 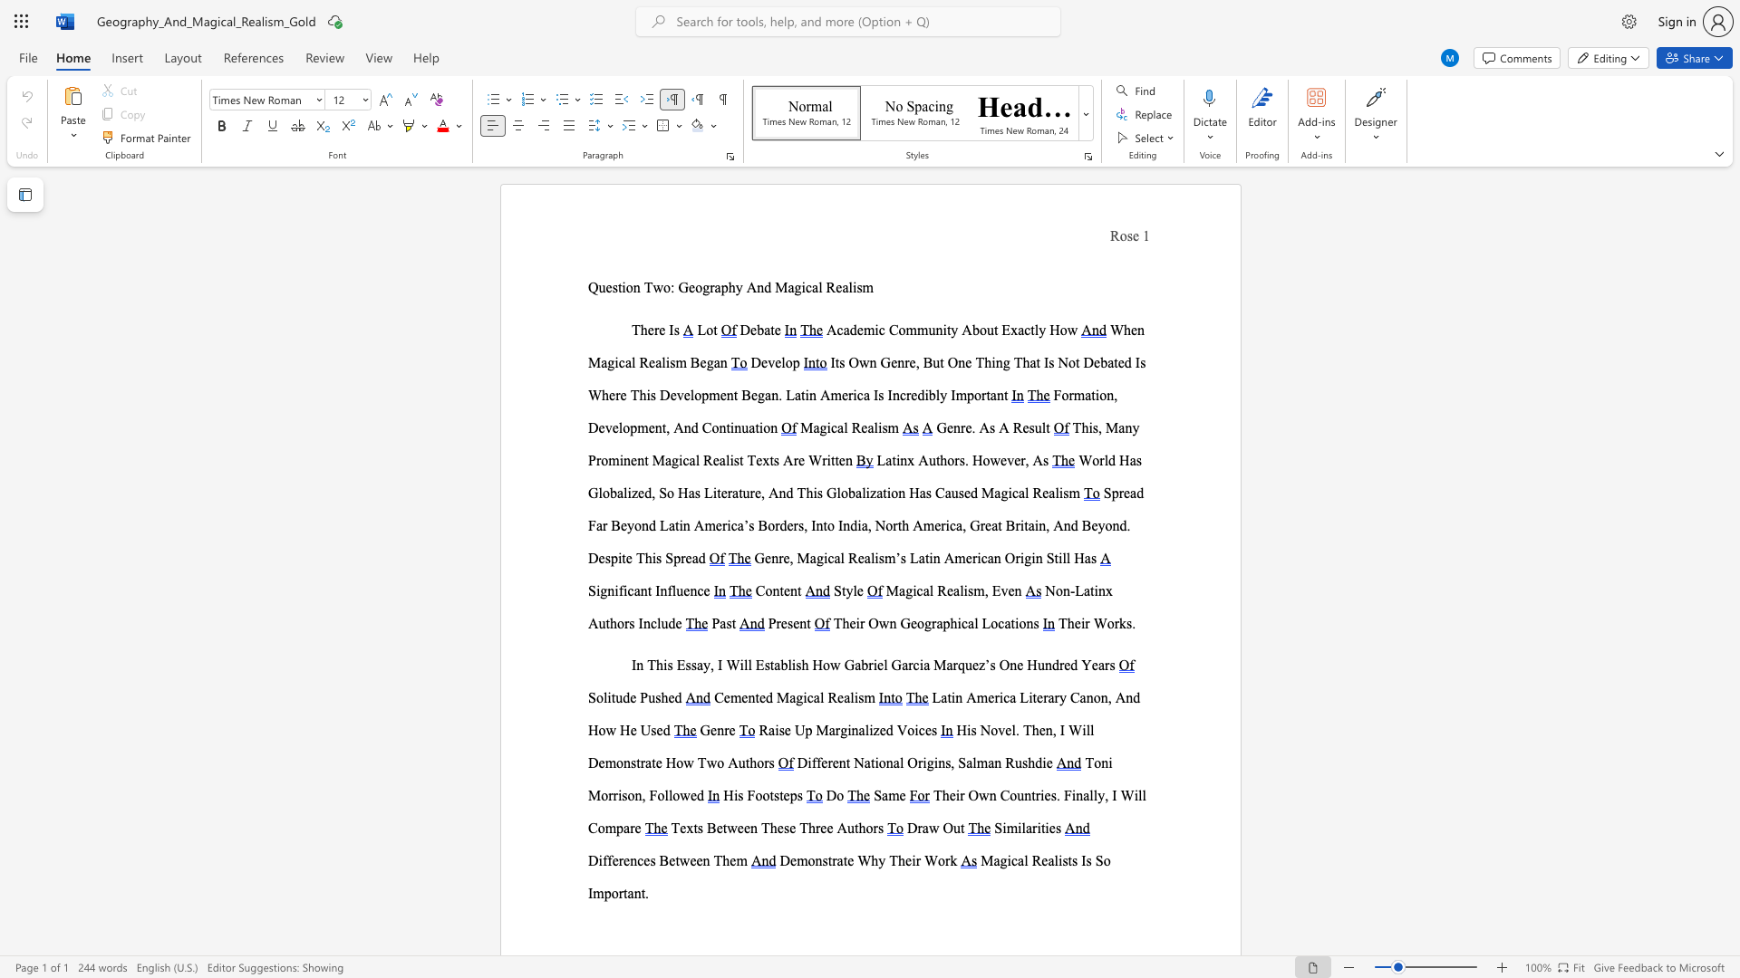 I want to click on the subset text "alists I" within the text "Magical Realists Is So Important.", so click(x=1048, y=859).